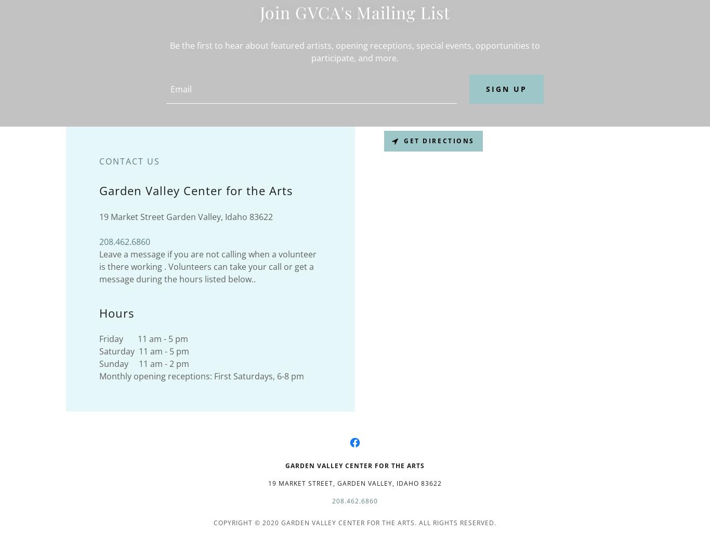  I want to click on 'Hours', so click(116, 312).